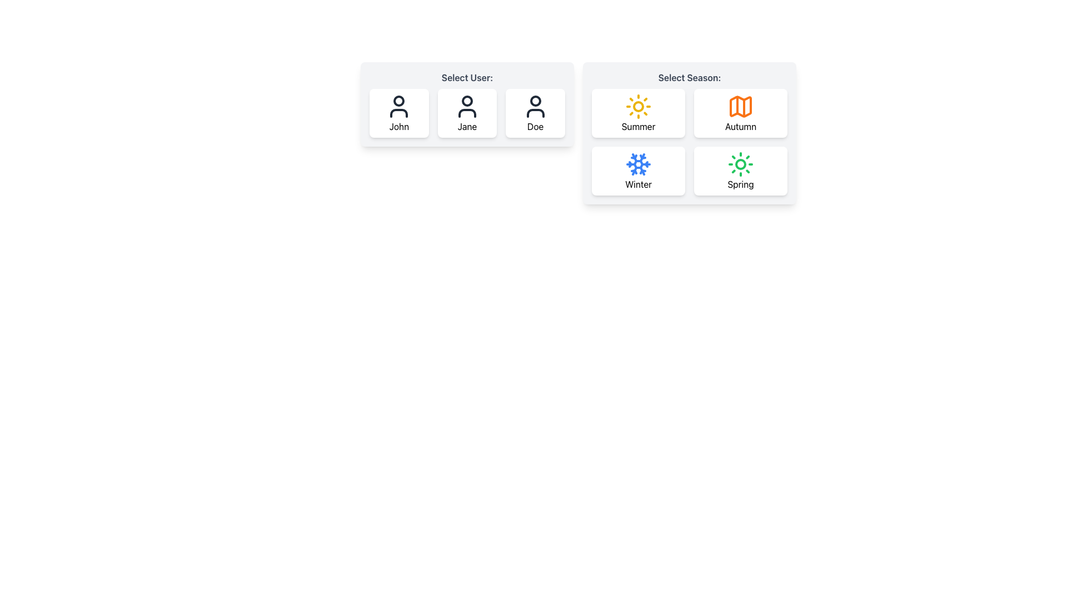 Image resolution: width=1067 pixels, height=600 pixels. Describe the element at coordinates (535, 113) in the screenshot. I see `the lower portion of the SVG icon representing the user 'Doe'` at that location.